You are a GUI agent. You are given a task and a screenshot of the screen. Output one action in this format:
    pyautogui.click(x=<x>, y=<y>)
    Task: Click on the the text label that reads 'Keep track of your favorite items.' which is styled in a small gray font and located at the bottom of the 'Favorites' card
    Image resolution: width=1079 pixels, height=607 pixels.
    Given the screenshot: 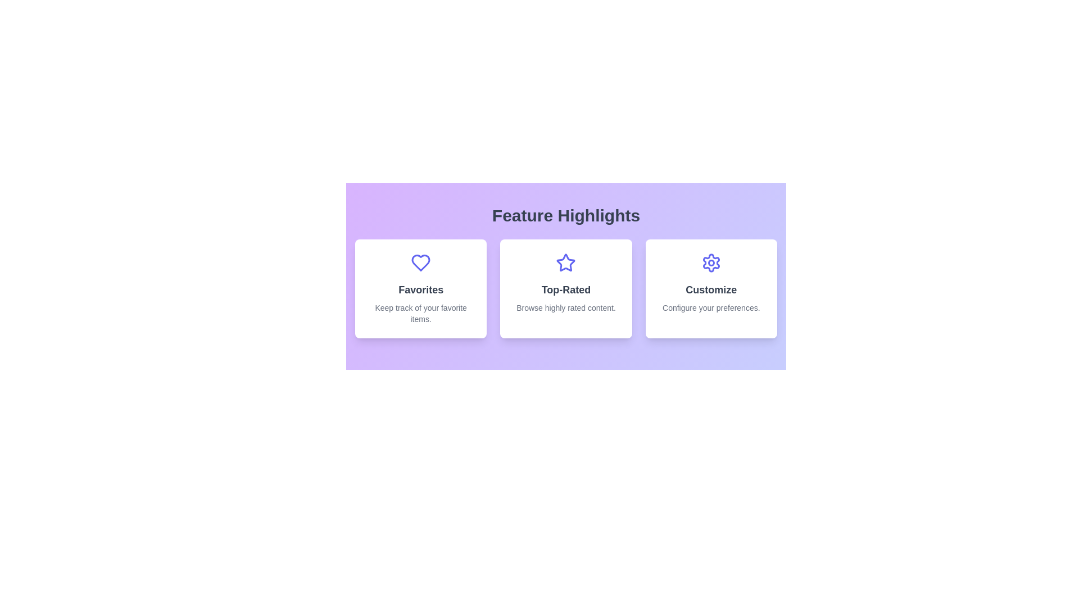 What is the action you would take?
    pyautogui.click(x=420, y=314)
    